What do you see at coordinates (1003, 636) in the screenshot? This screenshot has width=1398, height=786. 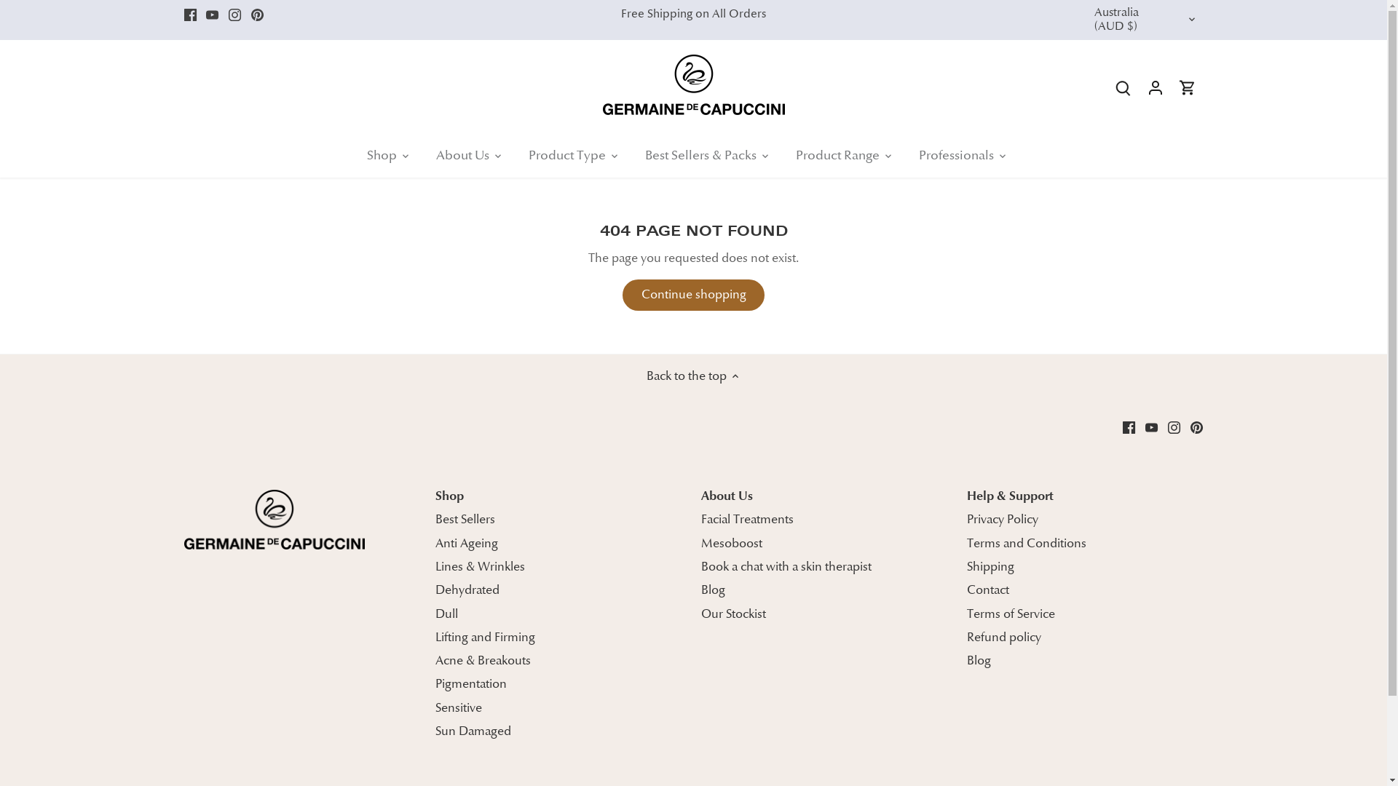 I see `'Refund policy'` at bounding box center [1003, 636].